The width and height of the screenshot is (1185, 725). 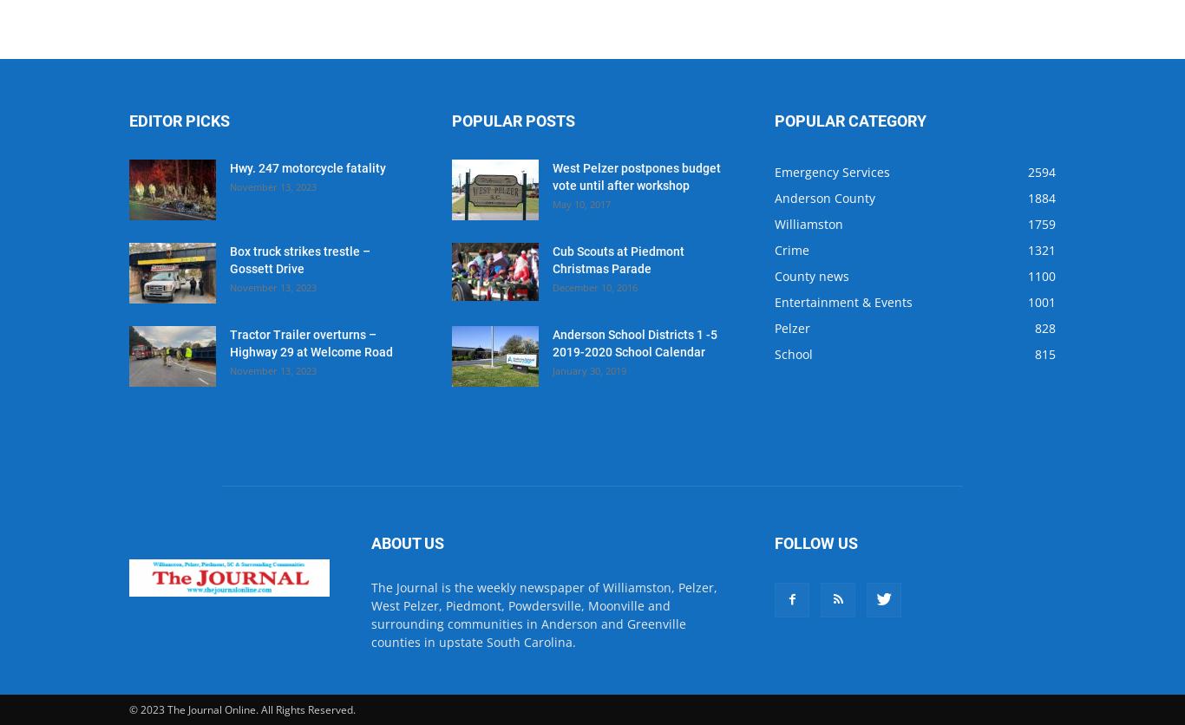 What do you see at coordinates (513, 120) in the screenshot?
I see `'POPULAR POSTS'` at bounding box center [513, 120].